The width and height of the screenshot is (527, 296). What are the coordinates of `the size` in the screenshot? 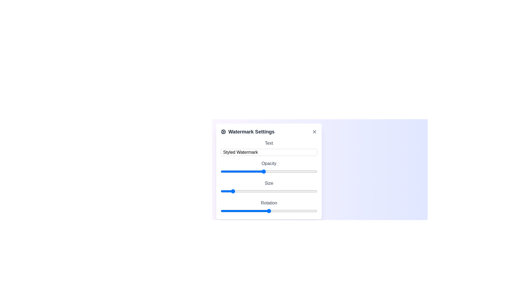 It's located at (258, 191).